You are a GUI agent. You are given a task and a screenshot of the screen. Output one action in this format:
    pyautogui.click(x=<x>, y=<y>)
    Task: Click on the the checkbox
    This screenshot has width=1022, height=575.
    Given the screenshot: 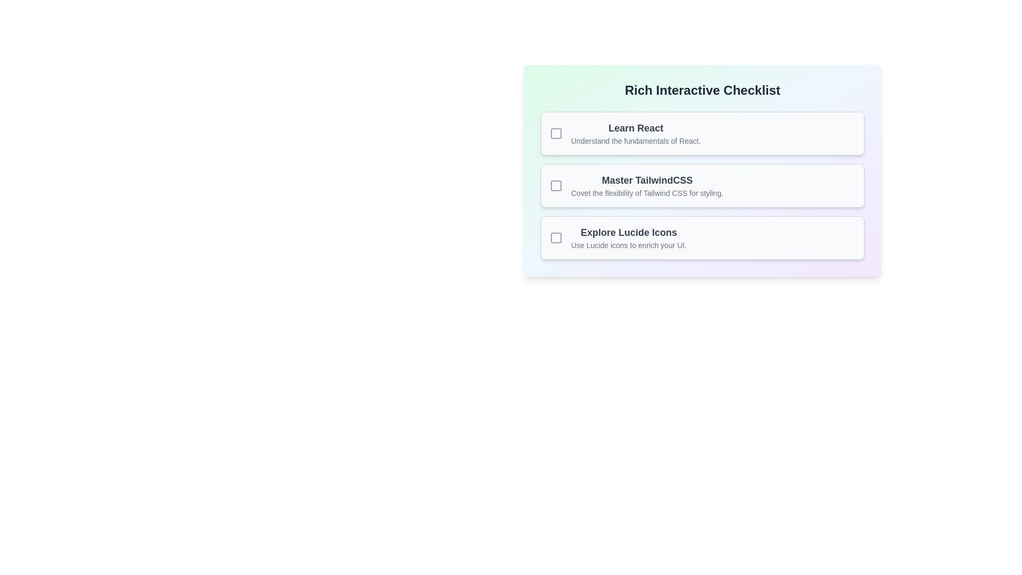 What is the action you would take?
    pyautogui.click(x=703, y=133)
    